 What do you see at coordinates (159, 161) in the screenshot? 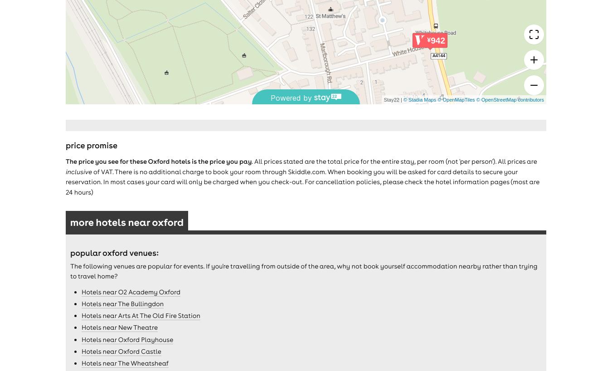
I see `'The price you see for these Oxford hotels is the price you pay'` at bounding box center [159, 161].